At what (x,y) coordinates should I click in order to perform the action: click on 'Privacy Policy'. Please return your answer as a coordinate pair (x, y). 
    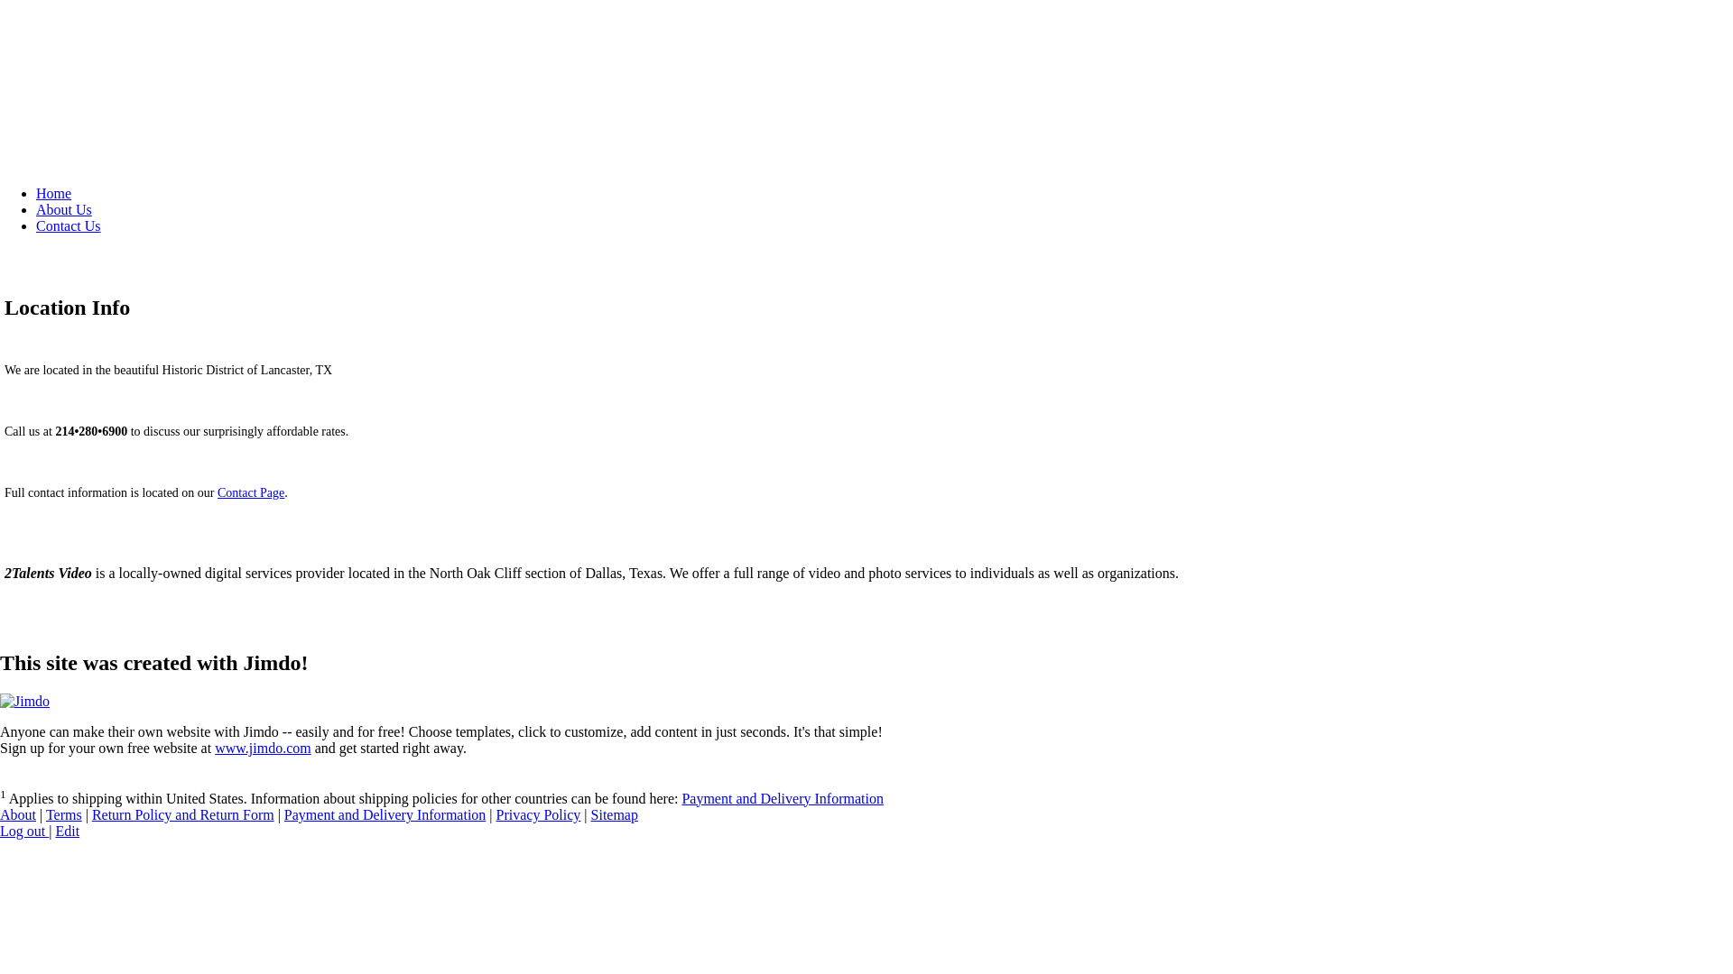
    Looking at the image, I should click on (496, 814).